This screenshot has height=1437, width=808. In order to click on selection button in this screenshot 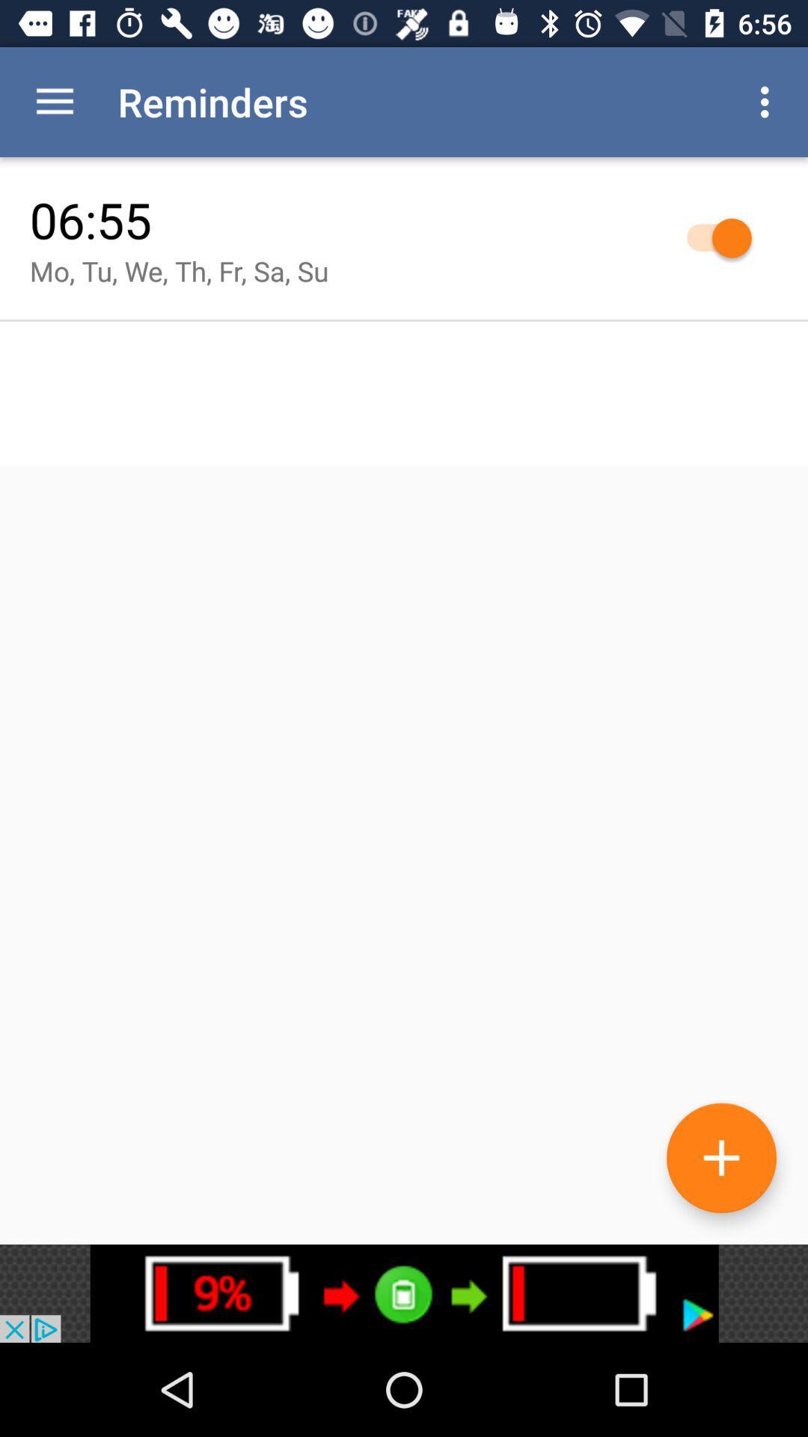, I will do `click(711, 237)`.